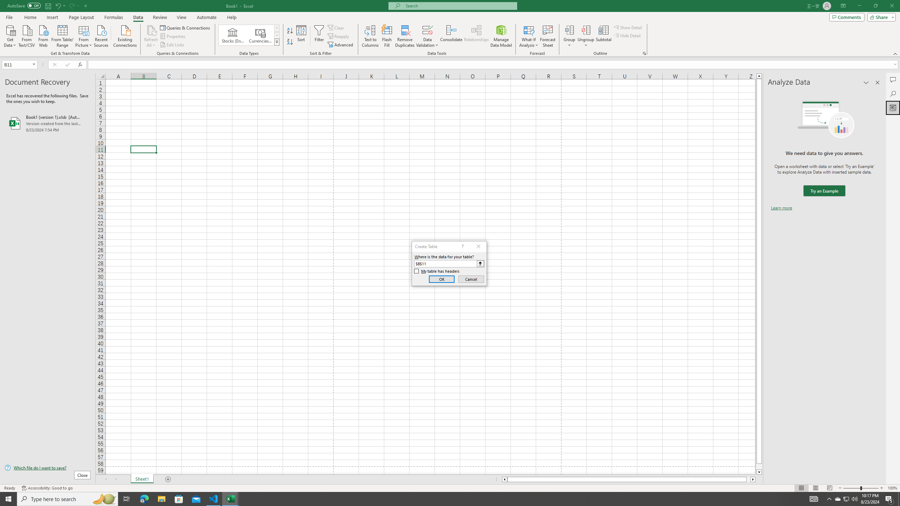 This screenshot has height=506, width=900. I want to click on 'AutoSave', so click(24, 5).